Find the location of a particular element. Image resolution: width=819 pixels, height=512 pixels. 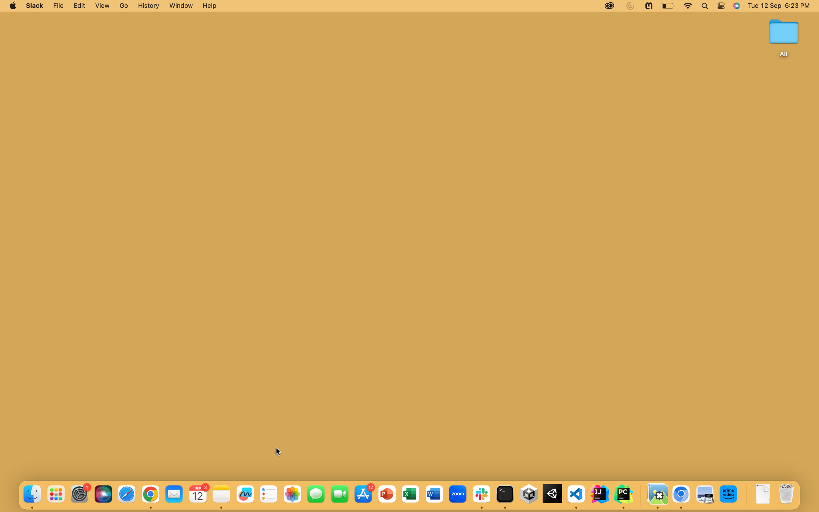

the Finder Application is located at coordinates (31, 495).